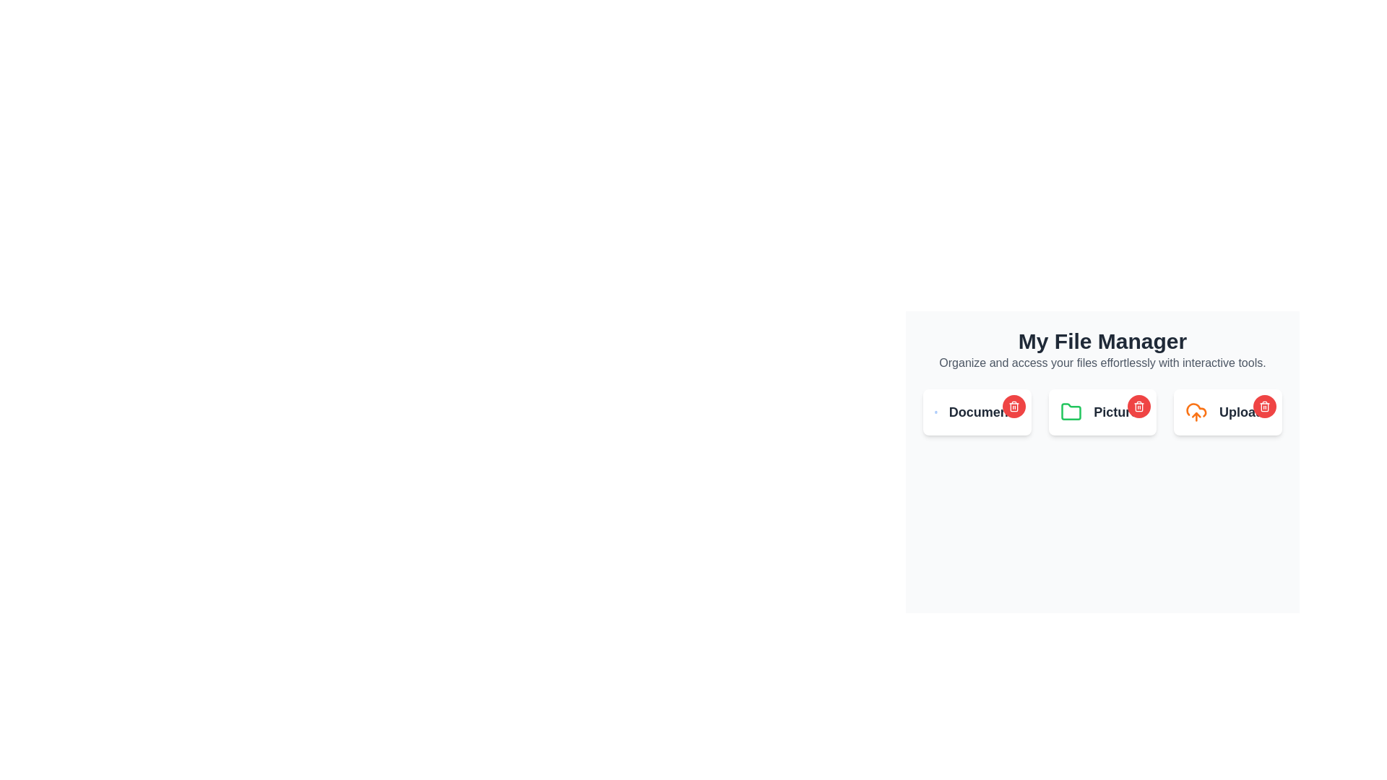  I want to click on the delete icon button located at the top right corner of the 'Picture' label in the file manager, so click(1138, 407).